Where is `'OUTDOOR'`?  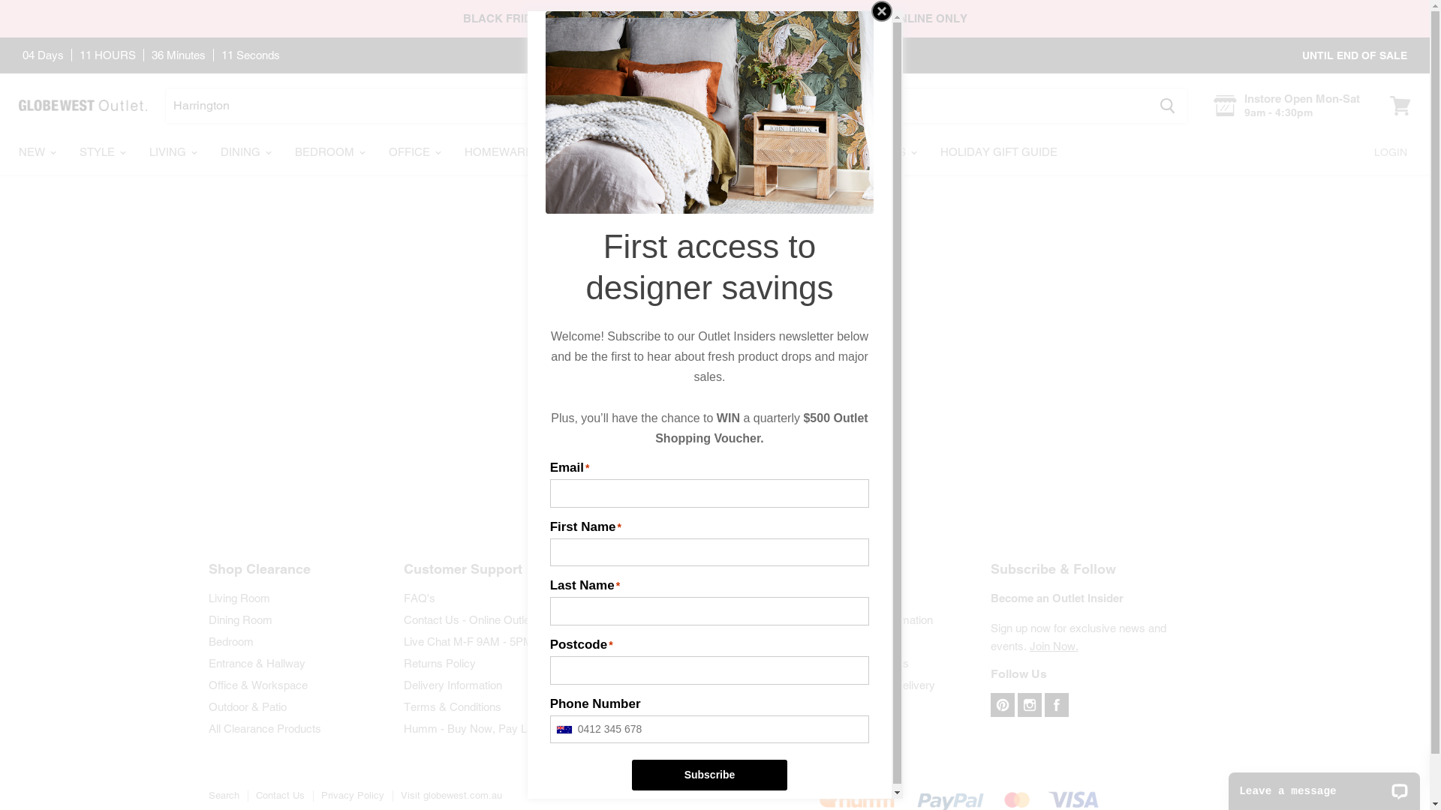 'OUTDOOR' is located at coordinates (609, 152).